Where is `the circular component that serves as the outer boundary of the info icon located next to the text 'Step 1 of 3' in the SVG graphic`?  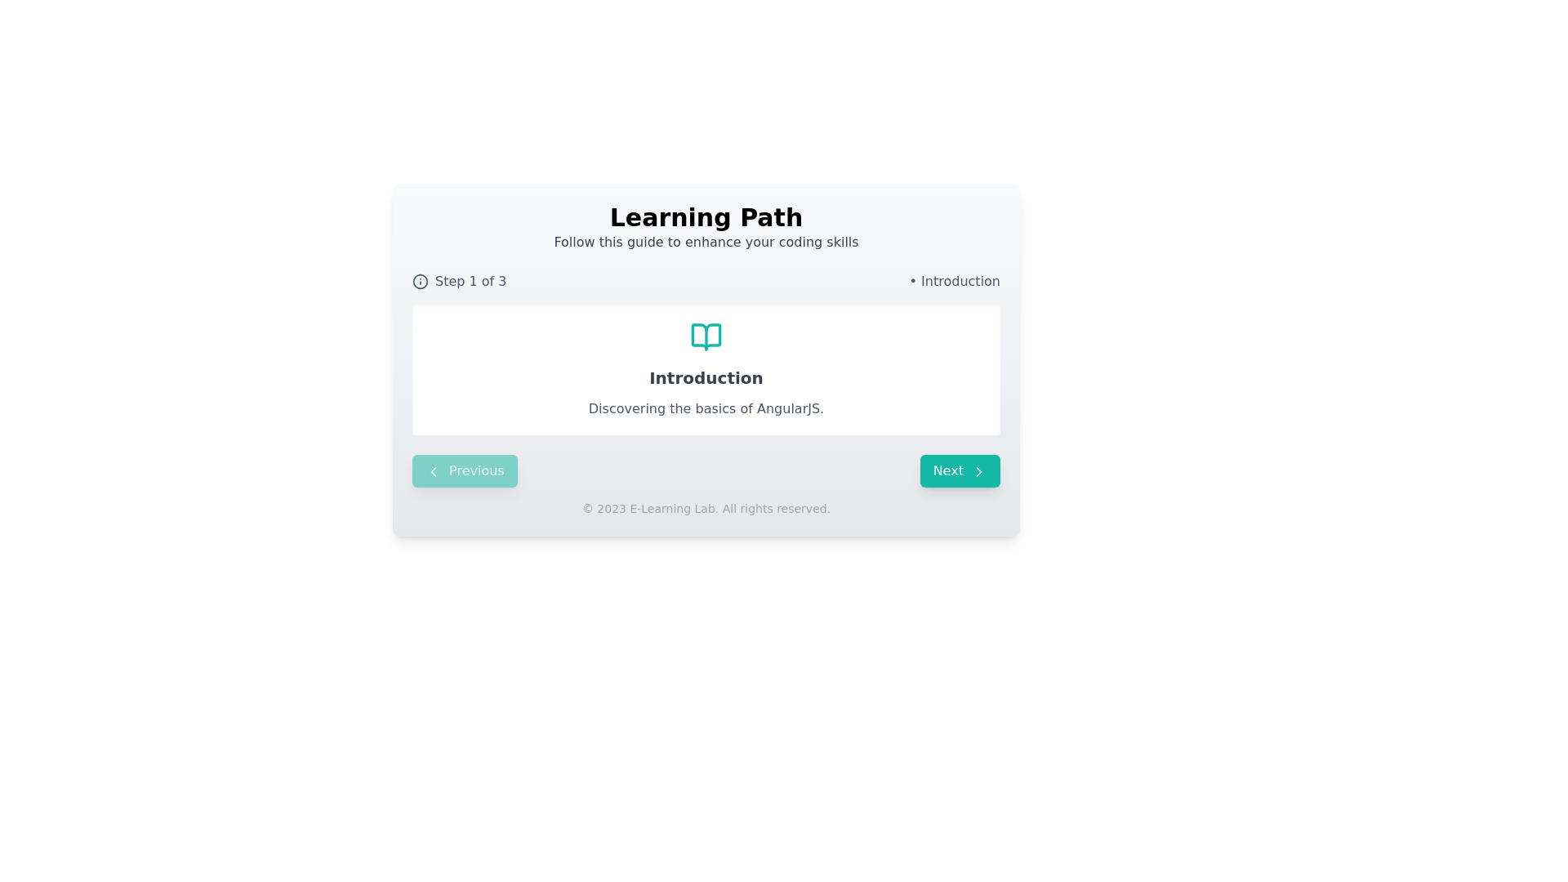 the circular component that serves as the outer boundary of the info icon located next to the text 'Step 1 of 3' in the SVG graphic is located at coordinates (420, 280).